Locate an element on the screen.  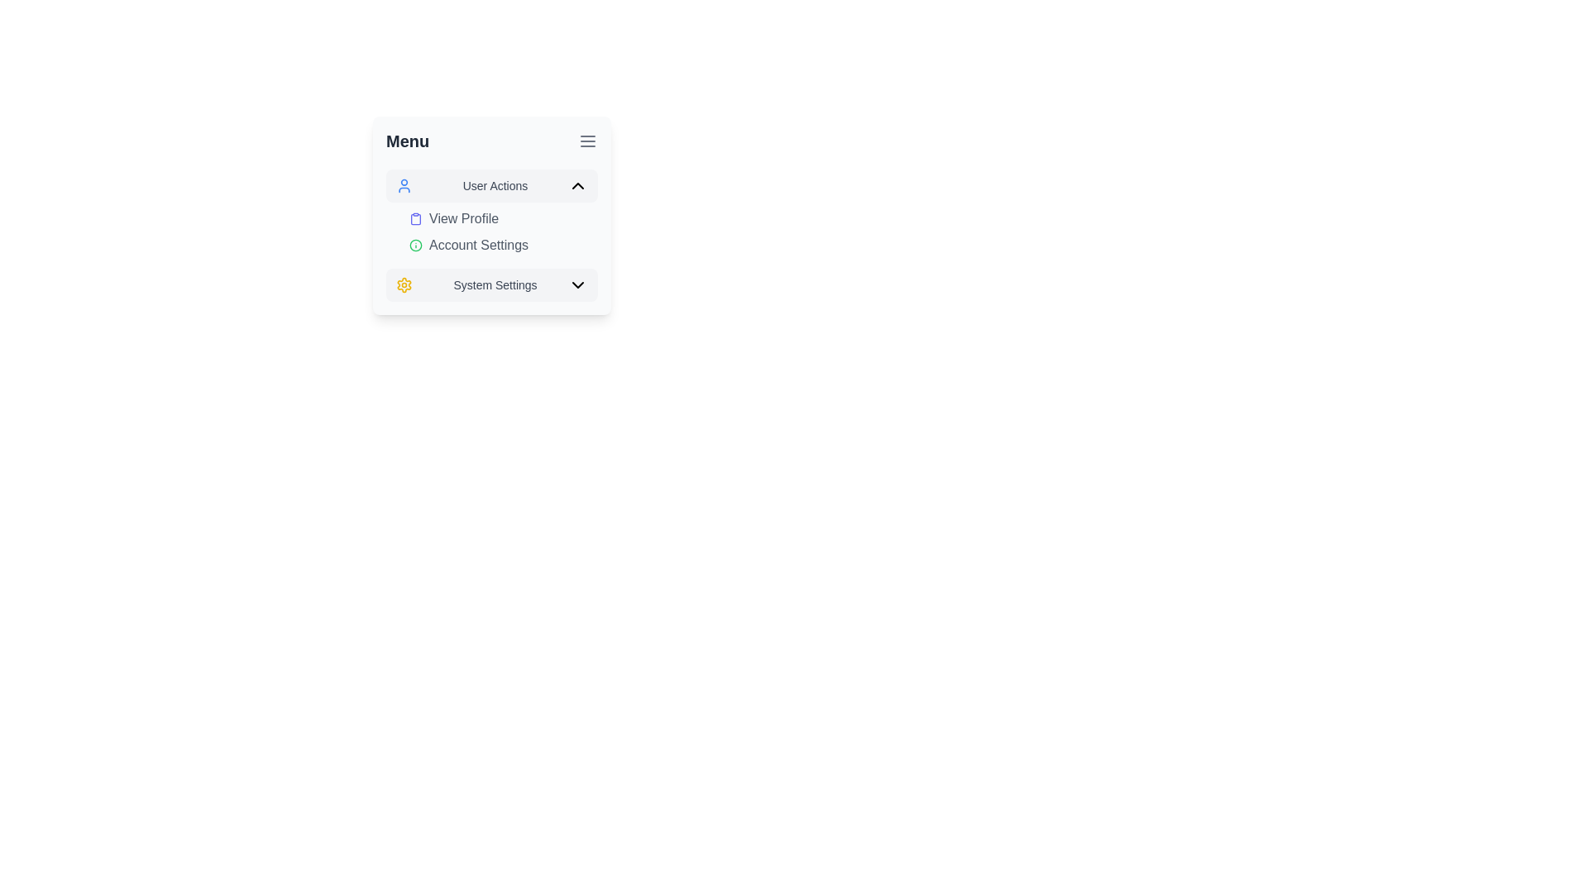
the green outlined circular SVG element that symbolizes information, located in the system menu next to 'Account Settings' is located at coordinates (416, 246).